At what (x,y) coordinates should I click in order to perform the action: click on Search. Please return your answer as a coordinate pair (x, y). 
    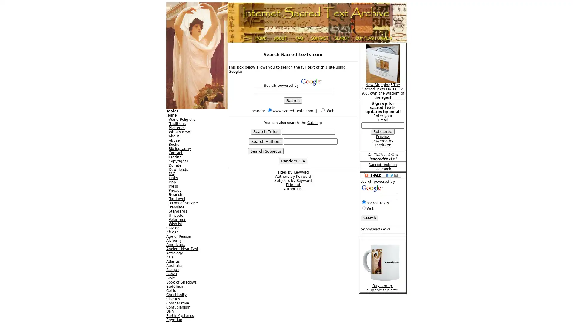
    Looking at the image, I should click on (293, 100).